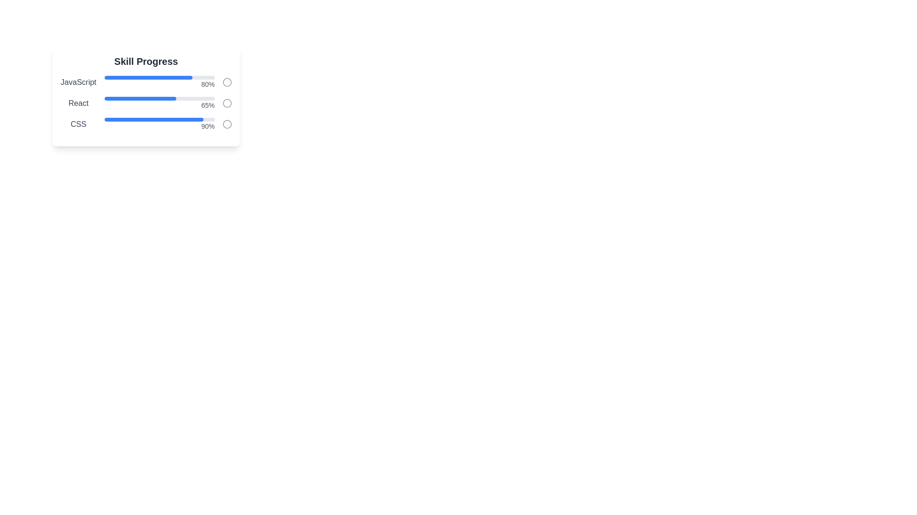 Image resolution: width=917 pixels, height=515 pixels. Describe the element at coordinates (146, 61) in the screenshot. I see `the text element displaying the title 'Skill Progress' at the top of the skill progress card` at that location.